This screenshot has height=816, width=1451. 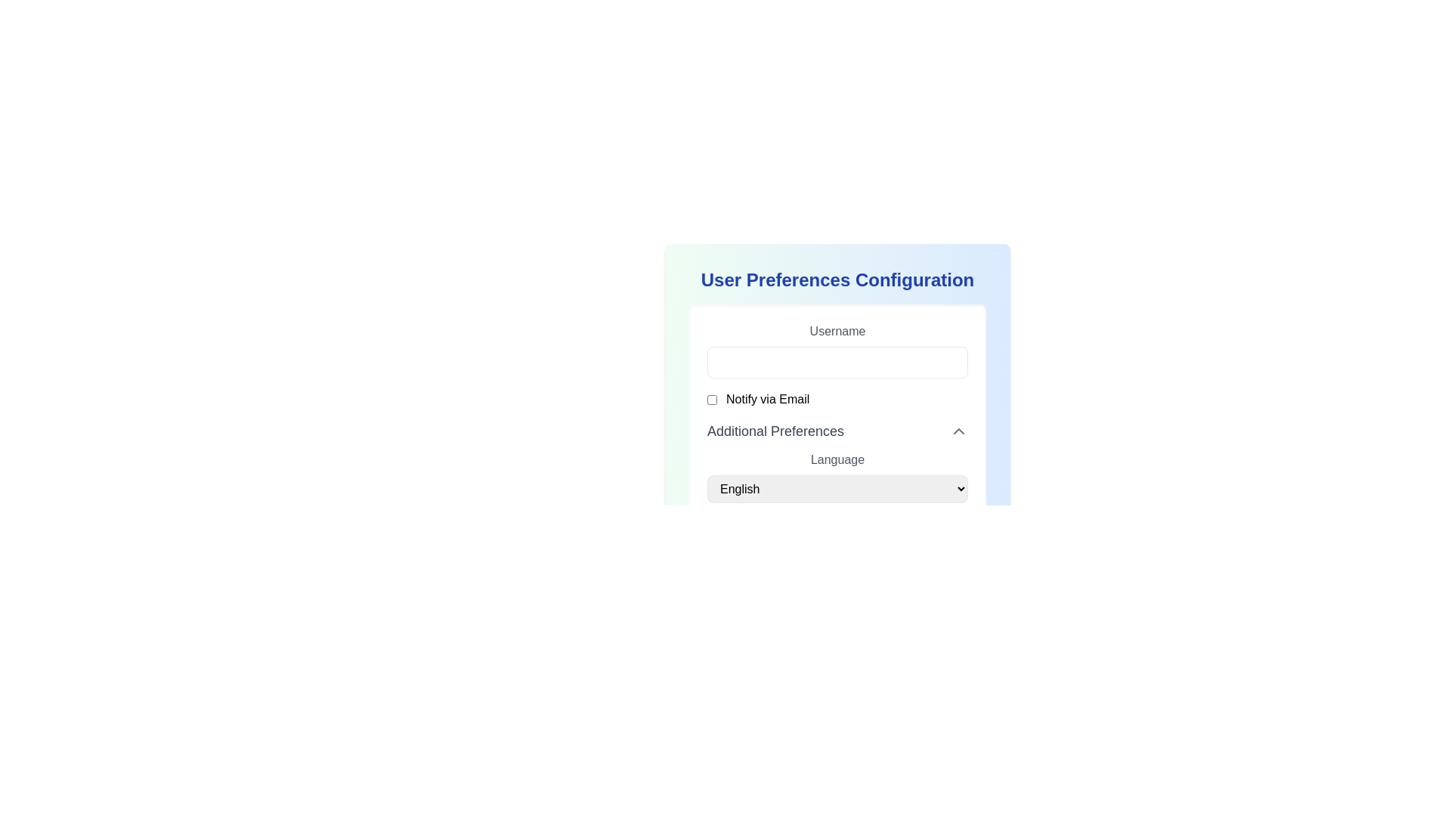 What do you see at coordinates (837, 398) in the screenshot?
I see `the checkbox labeled 'Notify via Email'` at bounding box center [837, 398].